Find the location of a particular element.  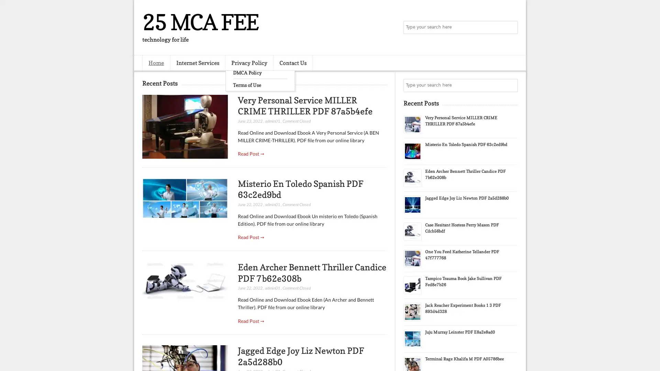

Search is located at coordinates (510, 85).